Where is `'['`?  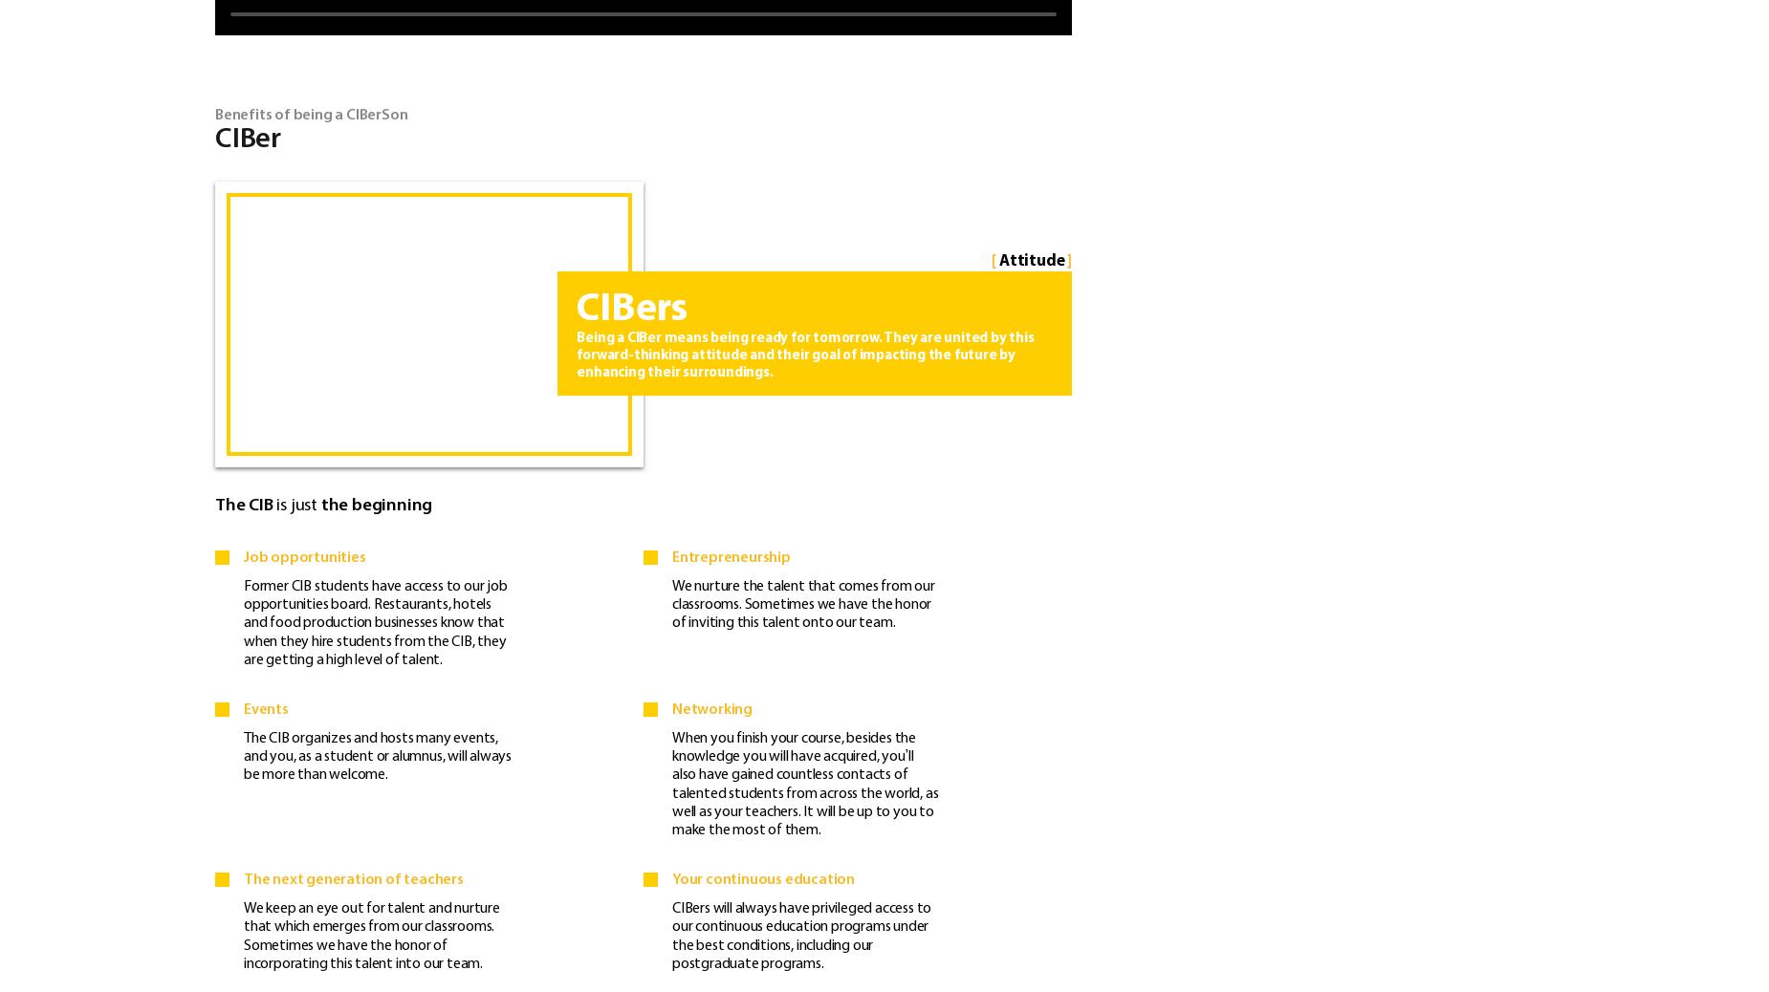
'[' is located at coordinates (993, 261).